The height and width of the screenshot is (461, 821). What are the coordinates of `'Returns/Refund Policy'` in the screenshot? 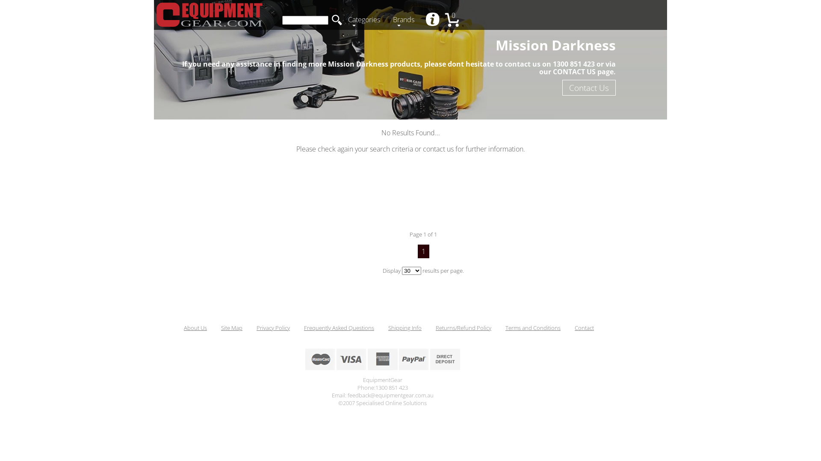 It's located at (435, 327).